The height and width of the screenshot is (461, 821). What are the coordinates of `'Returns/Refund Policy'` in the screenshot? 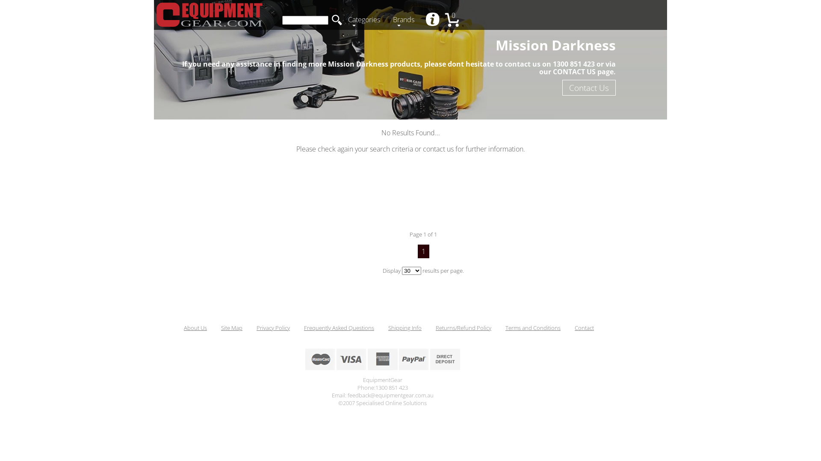 It's located at (435, 327).